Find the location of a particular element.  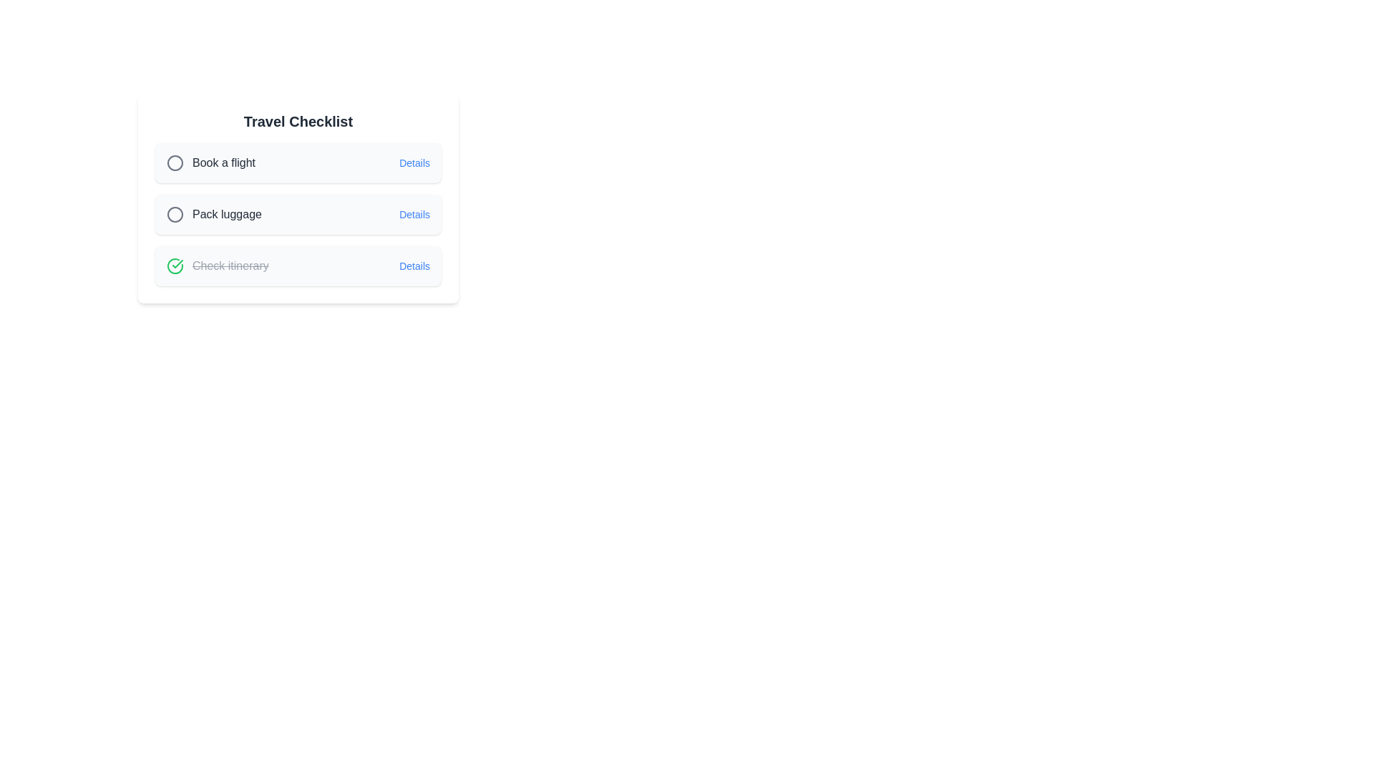

the checklist item labeled 'Pack luggage' which is a Text Label with Icon located under the 'Travel Checklist' is located at coordinates (213, 215).